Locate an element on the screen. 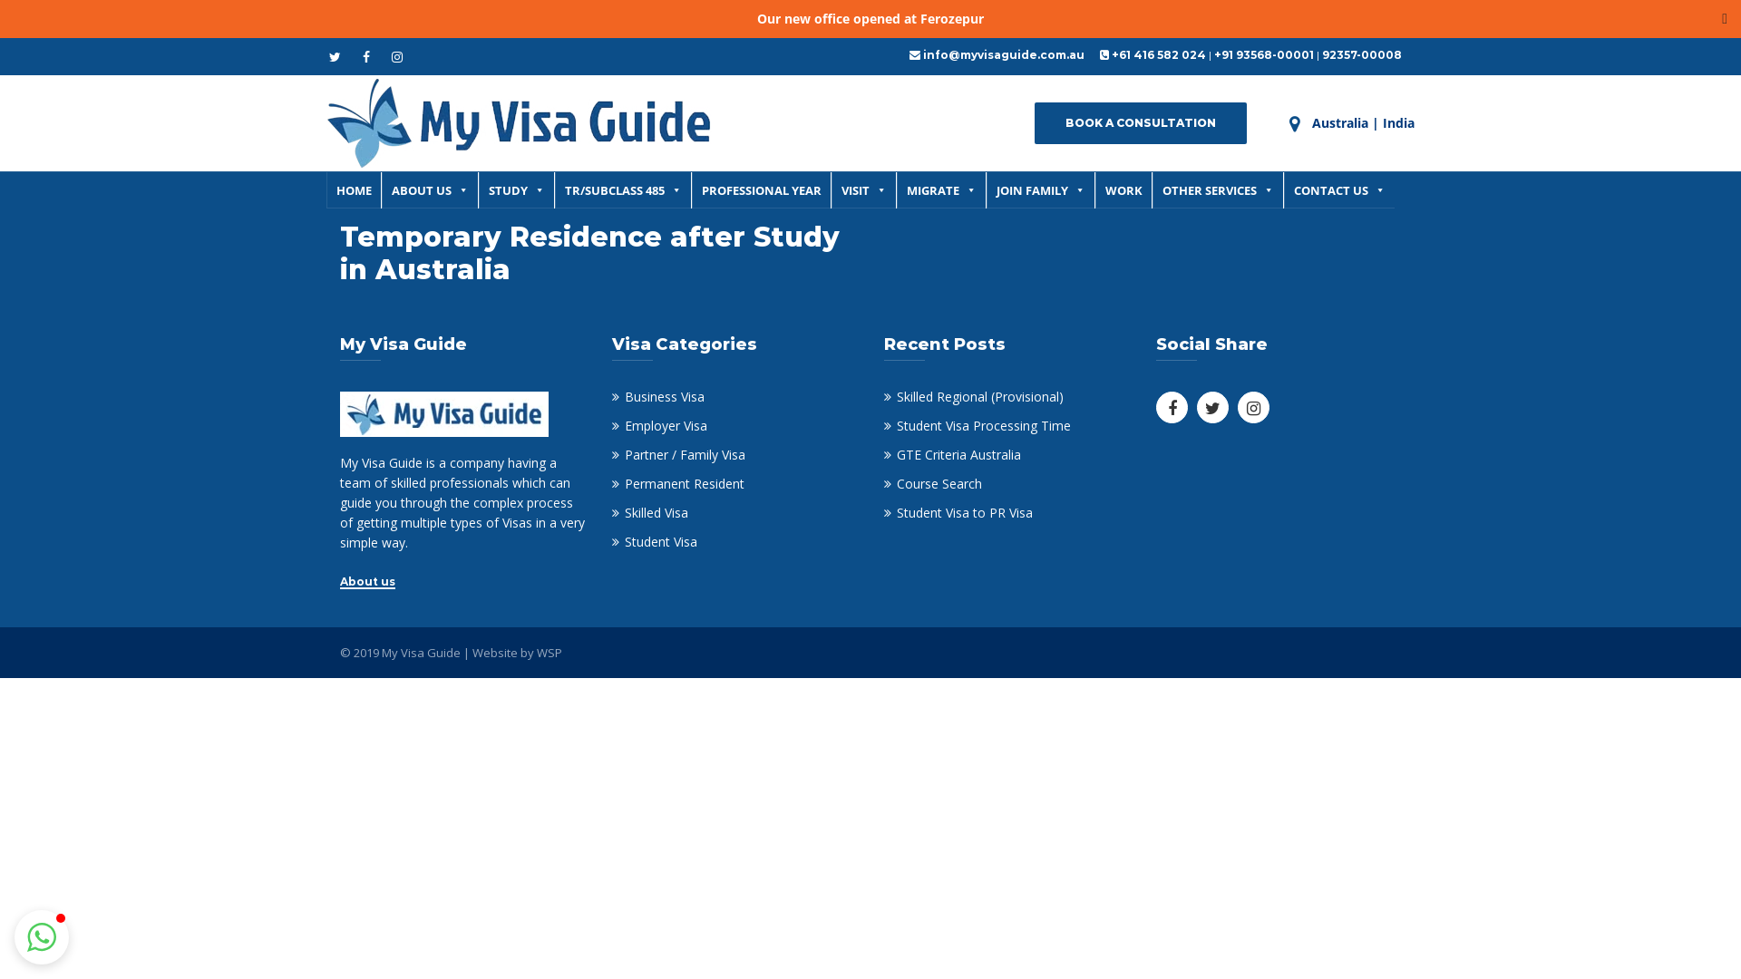  'BOOK A CONSULTATION' is located at coordinates (1139, 122).